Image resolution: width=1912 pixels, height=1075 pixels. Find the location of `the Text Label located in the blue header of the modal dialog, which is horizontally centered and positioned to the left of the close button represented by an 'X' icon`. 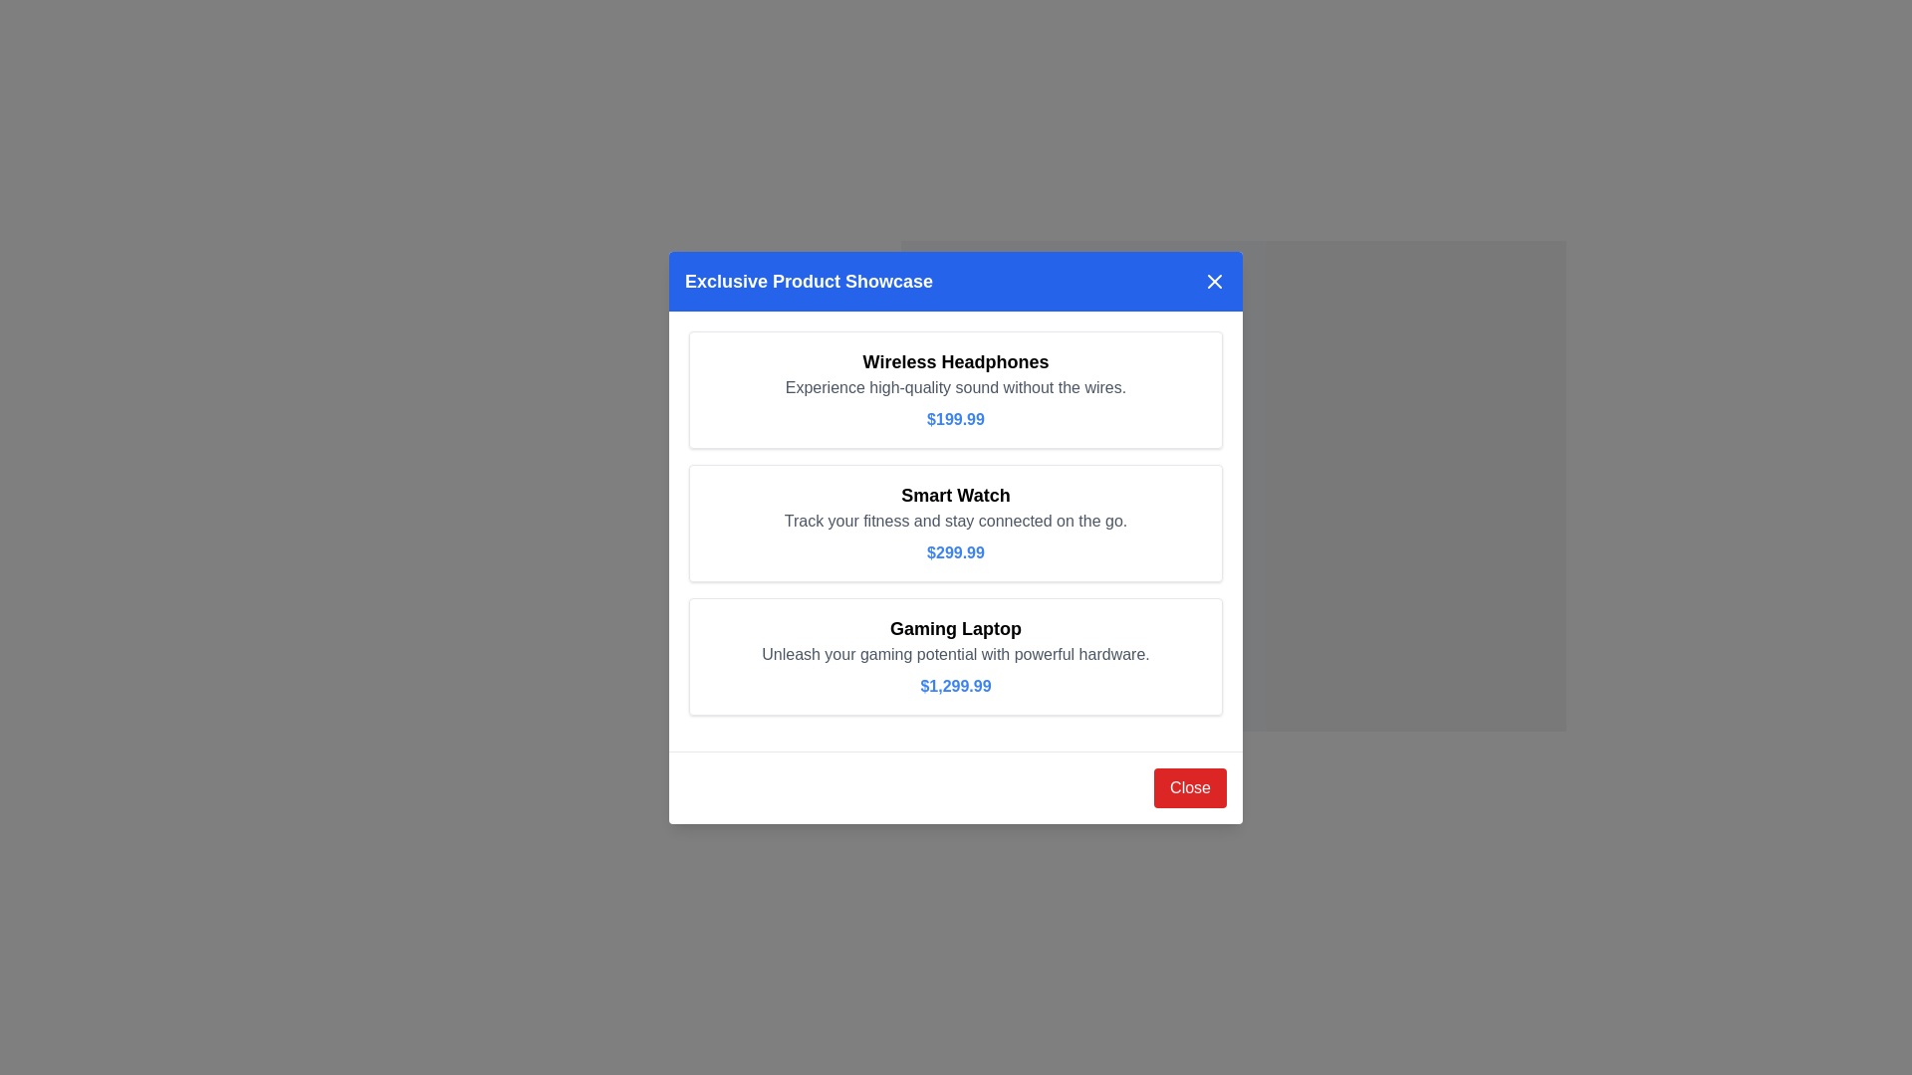

the Text Label located in the blue header of the modal dialog, which is horizontally centered and positioned to the left of the close button represented by an 'X' icon is located at coordinates (809, 281).